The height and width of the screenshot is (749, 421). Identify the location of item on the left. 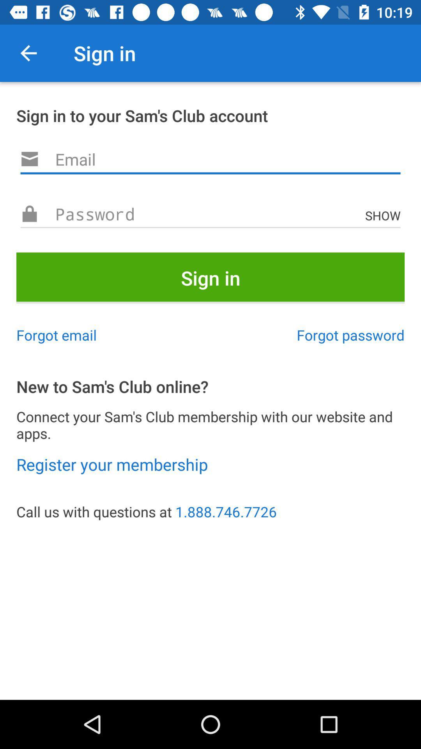
(56, 335).